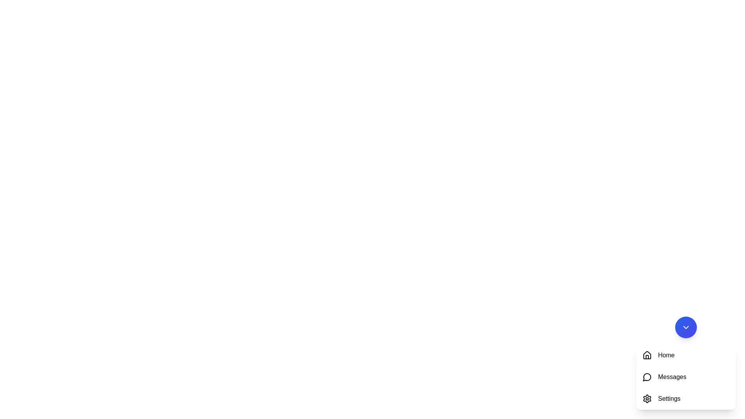 The height and width of the screenshot is (419, 745). Describe the element at coordinates (647, 377) in the screenshot. I see `the 'Messages' icon, which is the second icon in the vertical navigation menu` at that location.